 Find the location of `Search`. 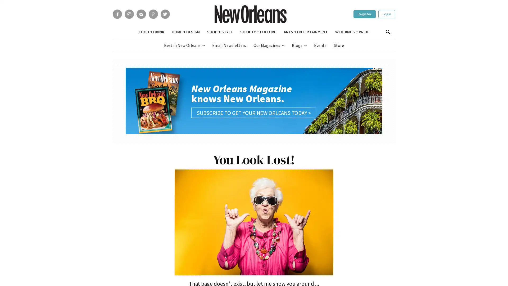

Search is located at coordinates (388, 32).